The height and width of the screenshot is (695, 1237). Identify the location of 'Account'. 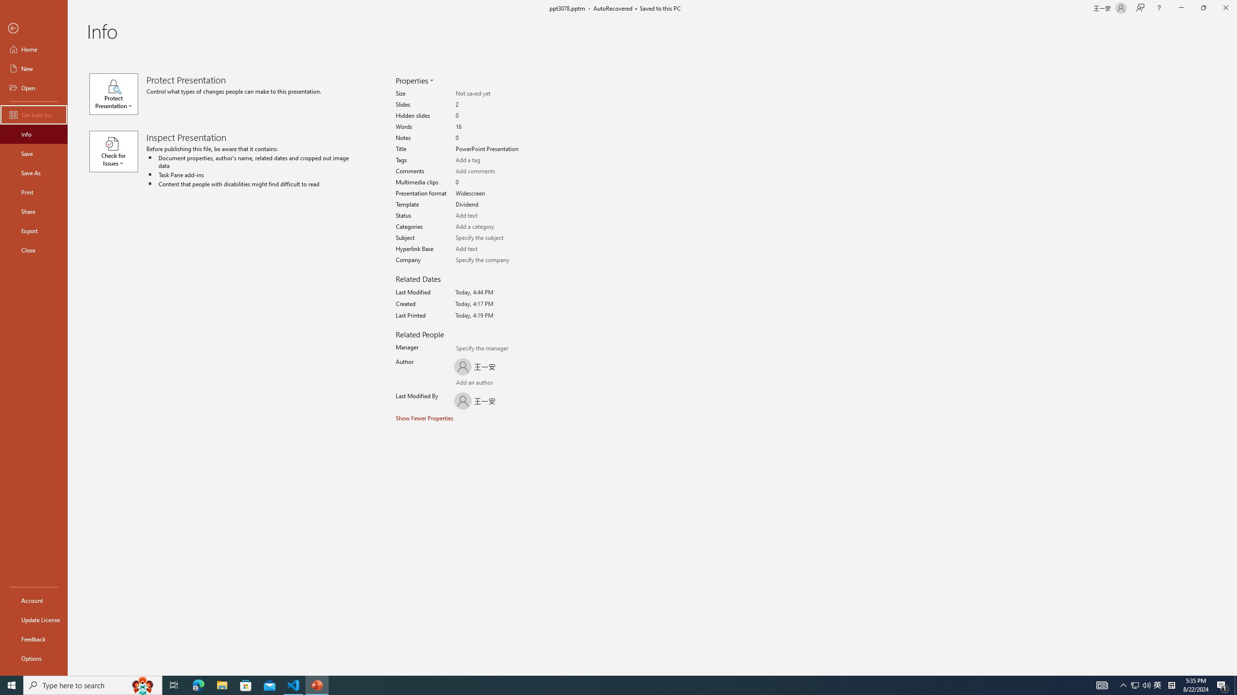
(33, 600).